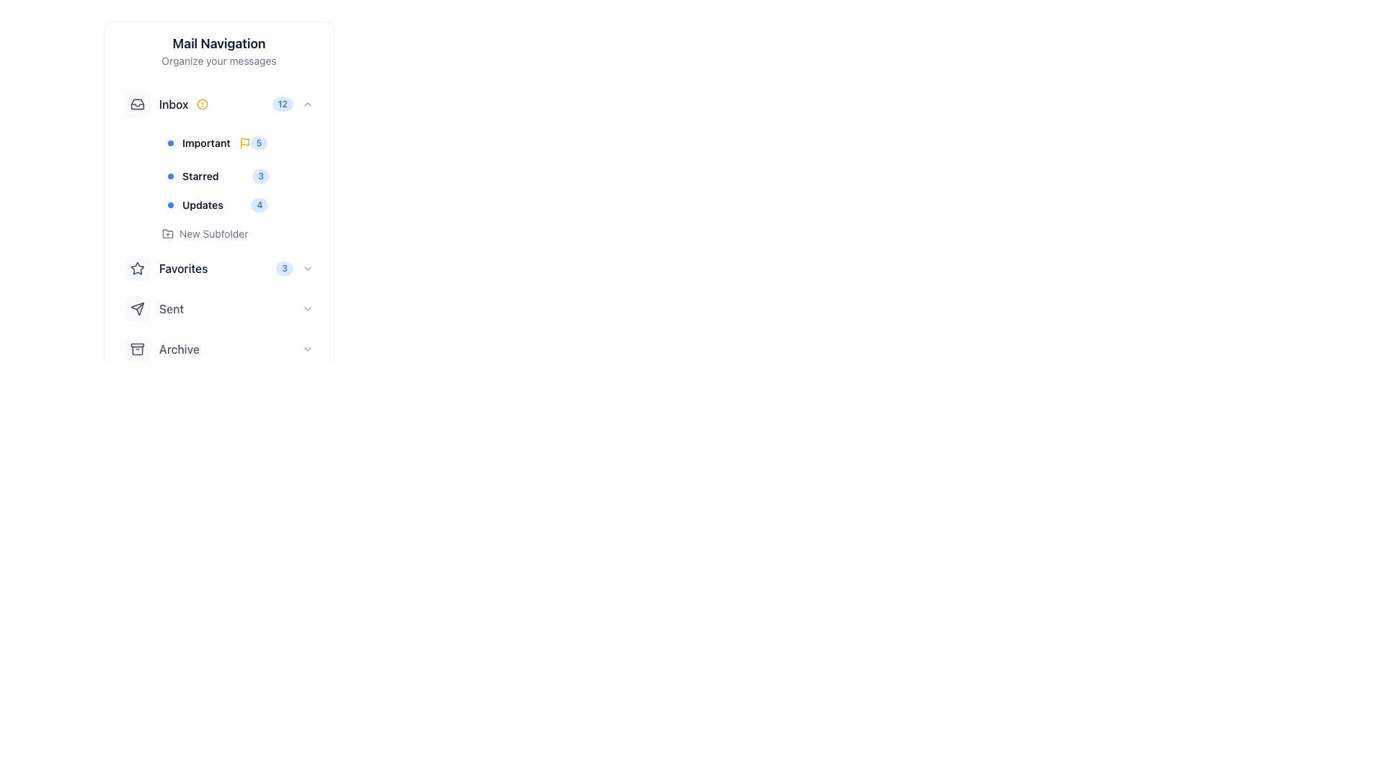 This screenshot has height=778, width=1384. Describe the element at coordinates (138, 308) in the screenshot. I see `the gray paper airplane icon located in the 'Favorites' section of the navigation menu` at that location.